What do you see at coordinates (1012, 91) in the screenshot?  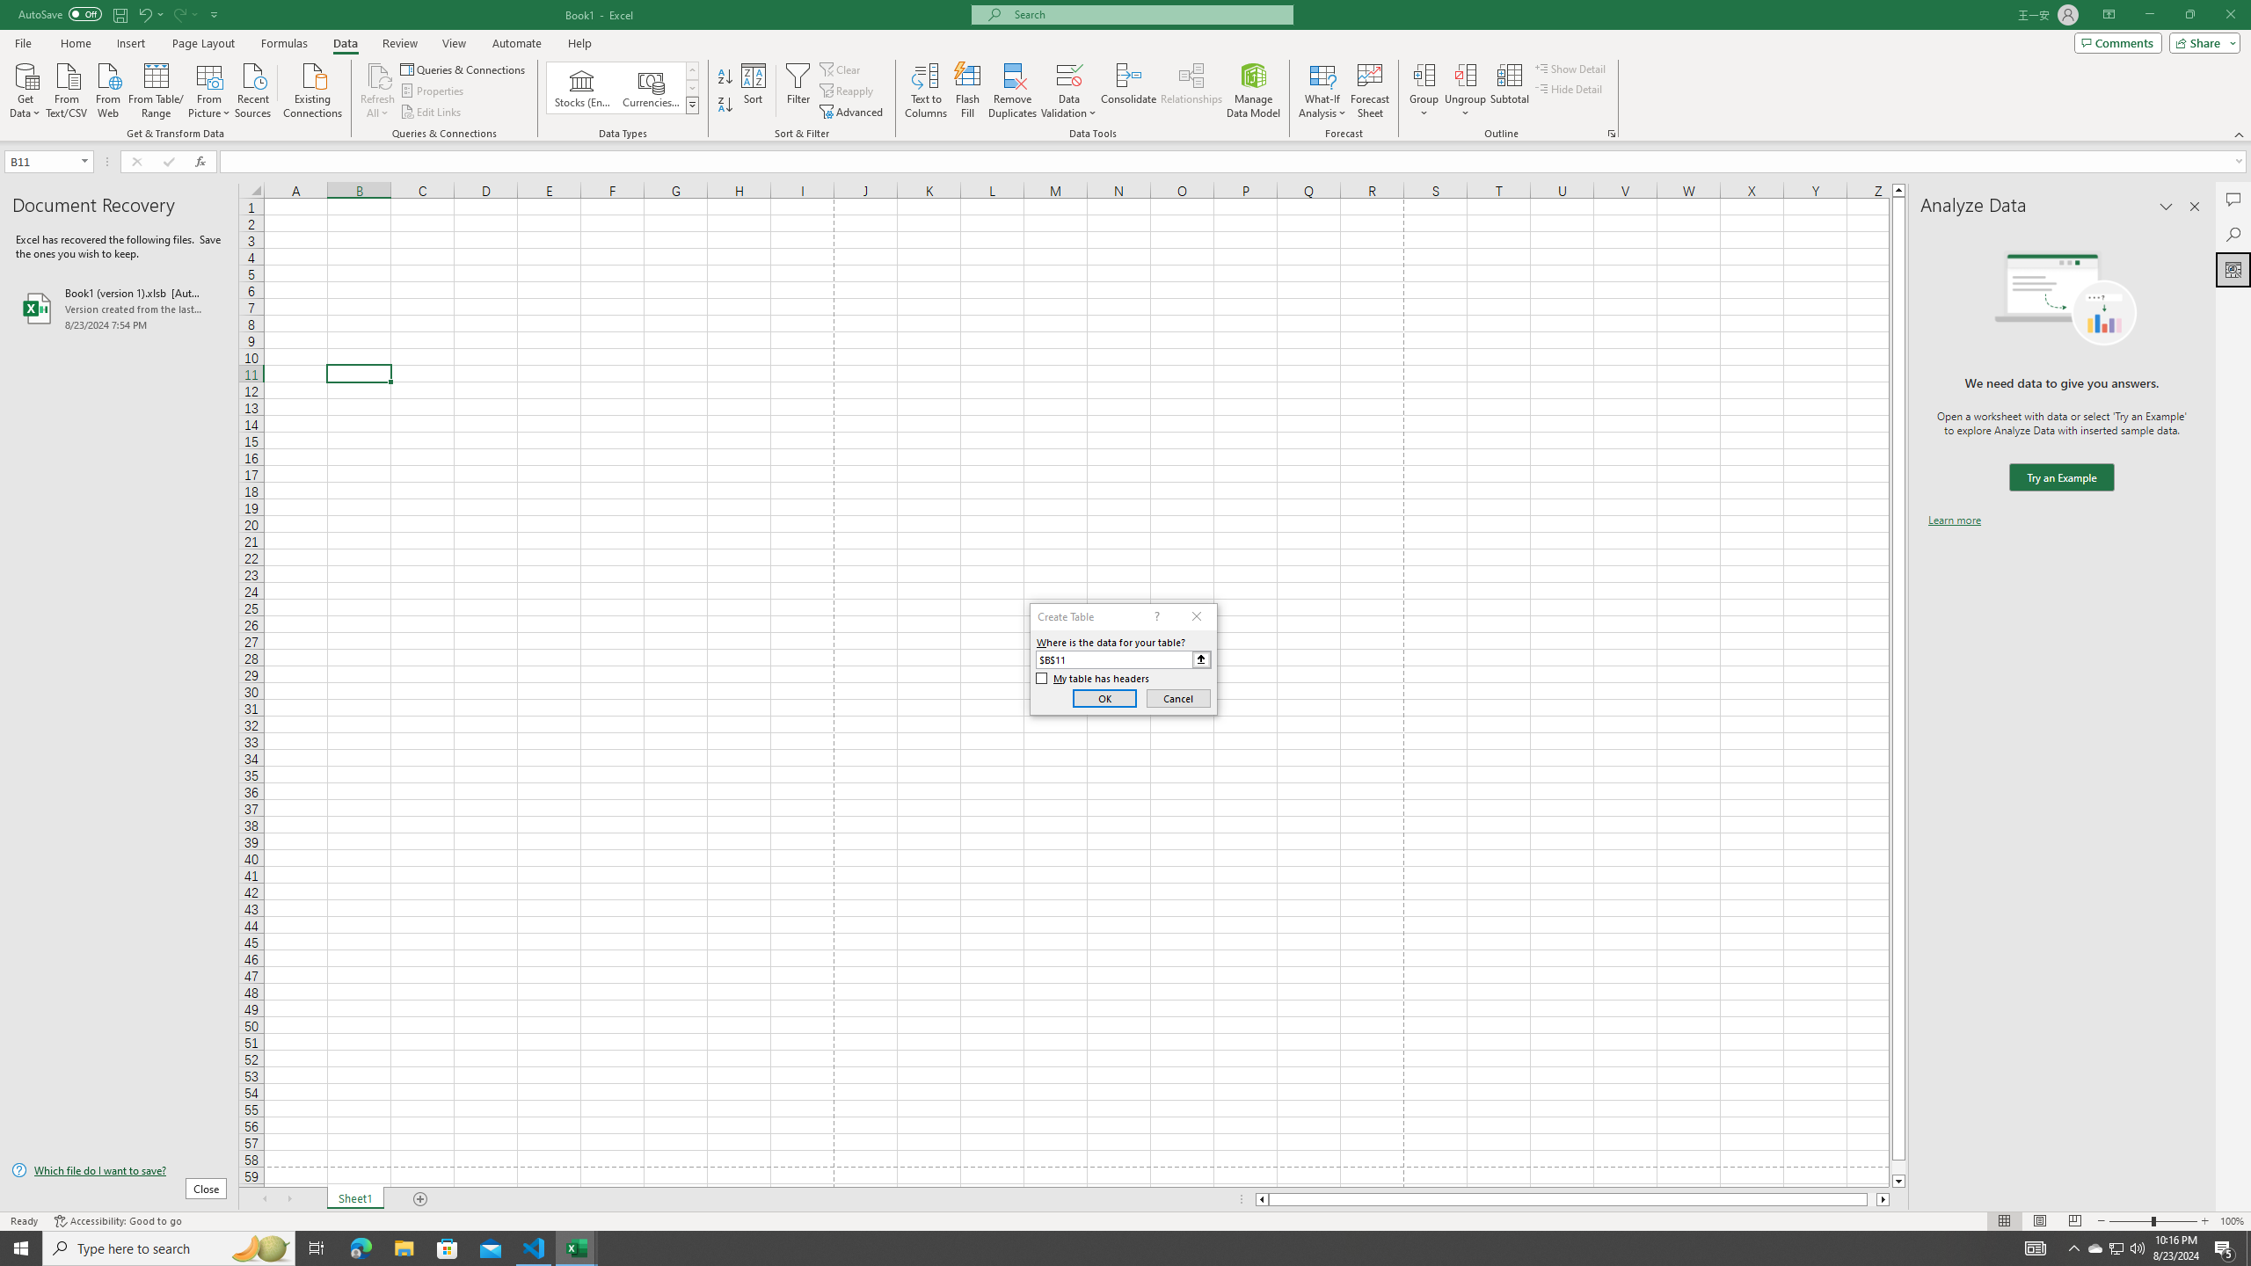 I see `'Remove Duplicates'` at bounding box center [1012, 91].